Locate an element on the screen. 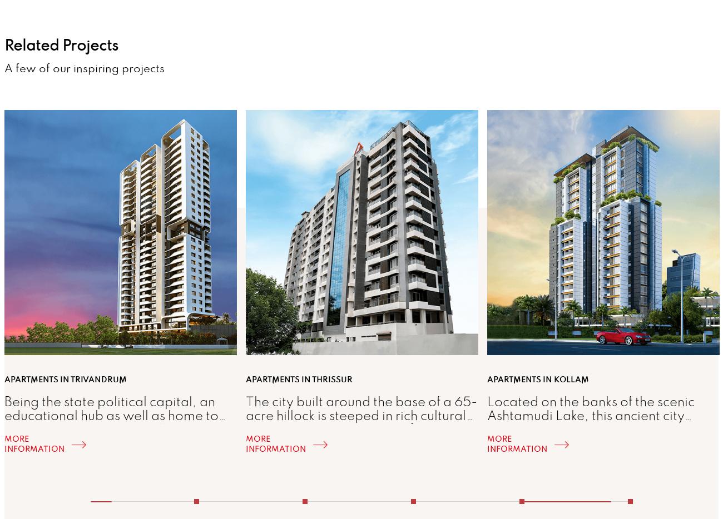 Image resolution: width=723 pixels, height=519 pixels. 'Apartments in Thrissur' is located at coordinates (245, 379).